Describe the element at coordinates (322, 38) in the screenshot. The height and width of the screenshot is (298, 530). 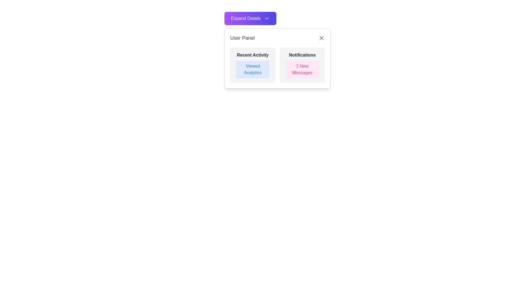
I see `the graphical icon located at the top-right corner of the User Panel card` at that location.